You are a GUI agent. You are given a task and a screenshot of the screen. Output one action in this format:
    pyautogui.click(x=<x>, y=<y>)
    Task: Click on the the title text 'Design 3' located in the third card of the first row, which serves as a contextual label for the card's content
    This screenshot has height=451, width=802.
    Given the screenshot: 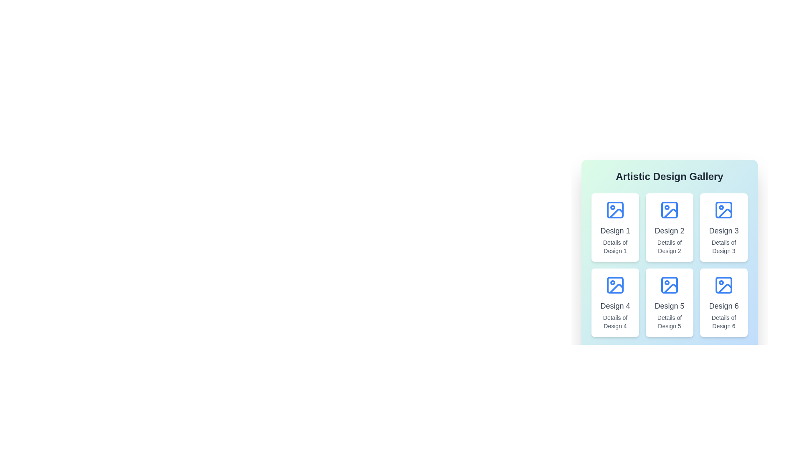 What is the action you would take?
    pyautogui.click(x=723, y=231)
    